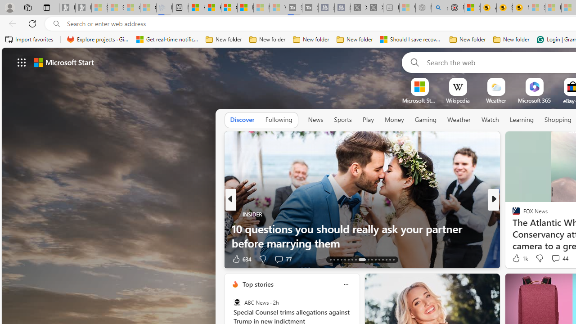  Describe the element at coordinates (512, 228) in the screenshot. I see `'Fox Business'` at that location.